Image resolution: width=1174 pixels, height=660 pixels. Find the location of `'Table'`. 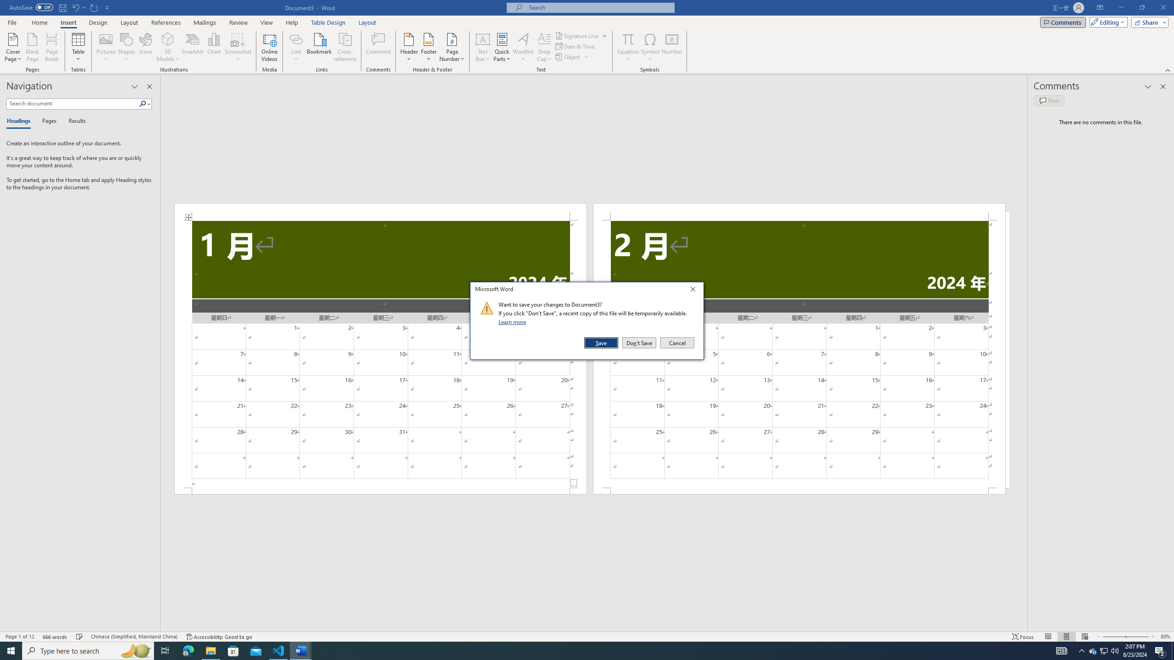

'Table' is located at coordinates (78, 47).